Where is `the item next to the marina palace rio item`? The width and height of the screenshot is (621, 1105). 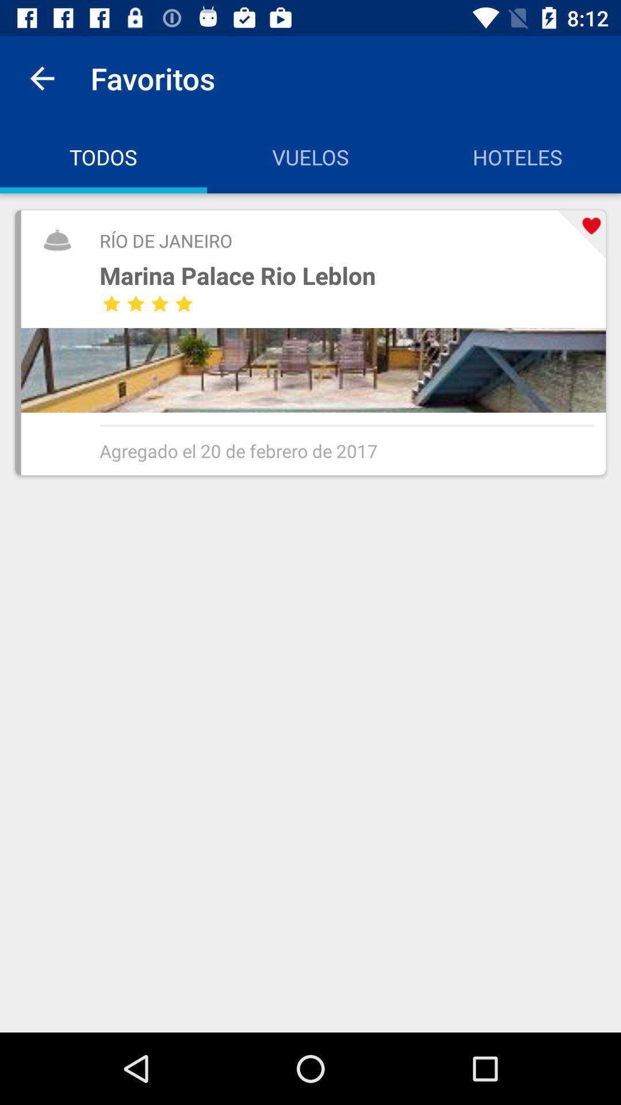 the item next to the marina palace rio item is located at coordinates (581, 234).